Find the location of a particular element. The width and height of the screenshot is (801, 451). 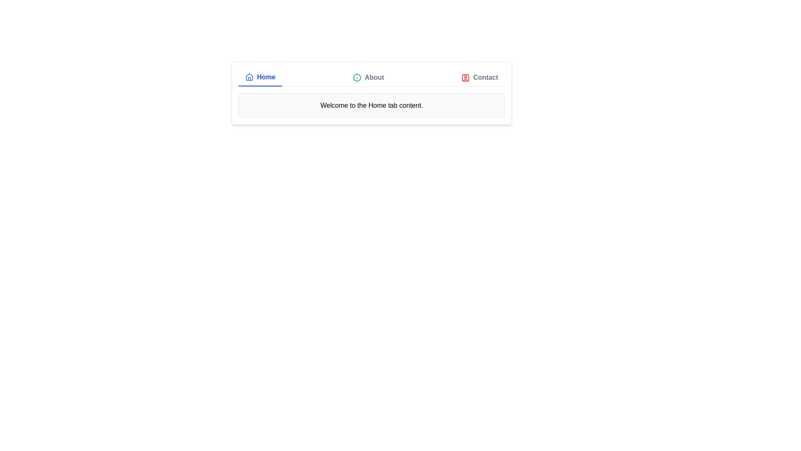

the 'Home' tab in the navigation menu is located at coordinates (371, 78).